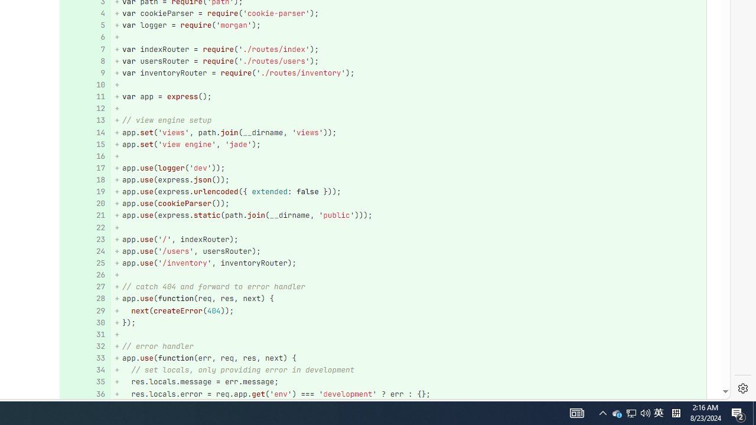  I want to click on 'Add a comment to this line 7', so click(84, 48).